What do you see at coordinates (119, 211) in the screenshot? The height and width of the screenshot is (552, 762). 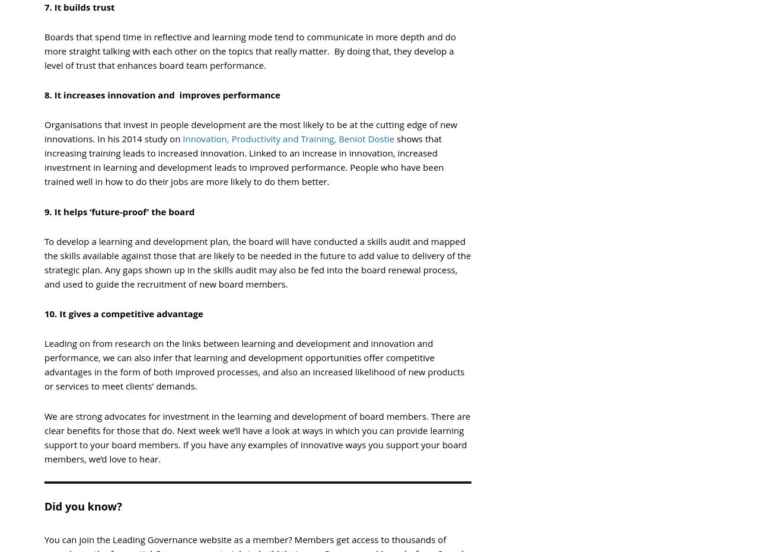 I see `'9. It helps ‘future-proof’ the board'` at bounding box center [119, 211].